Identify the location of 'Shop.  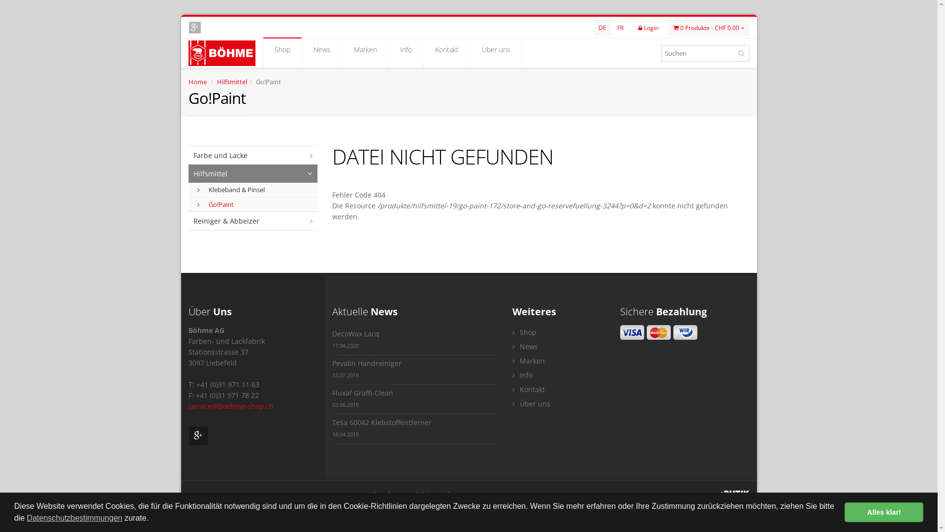
(281, 53).